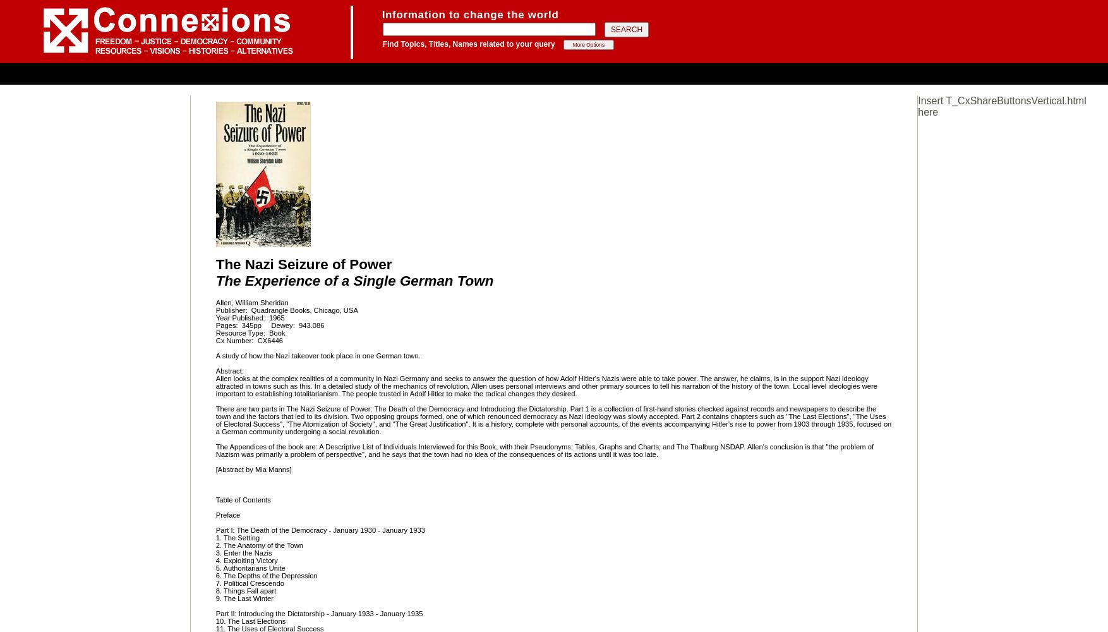 The height and width of the screenshot is (632, 1108). What do you see at coordinates (214, 576) in the screenshot?
I see `'6. The Depths of the Depression'` at bounding box center [214, 576].